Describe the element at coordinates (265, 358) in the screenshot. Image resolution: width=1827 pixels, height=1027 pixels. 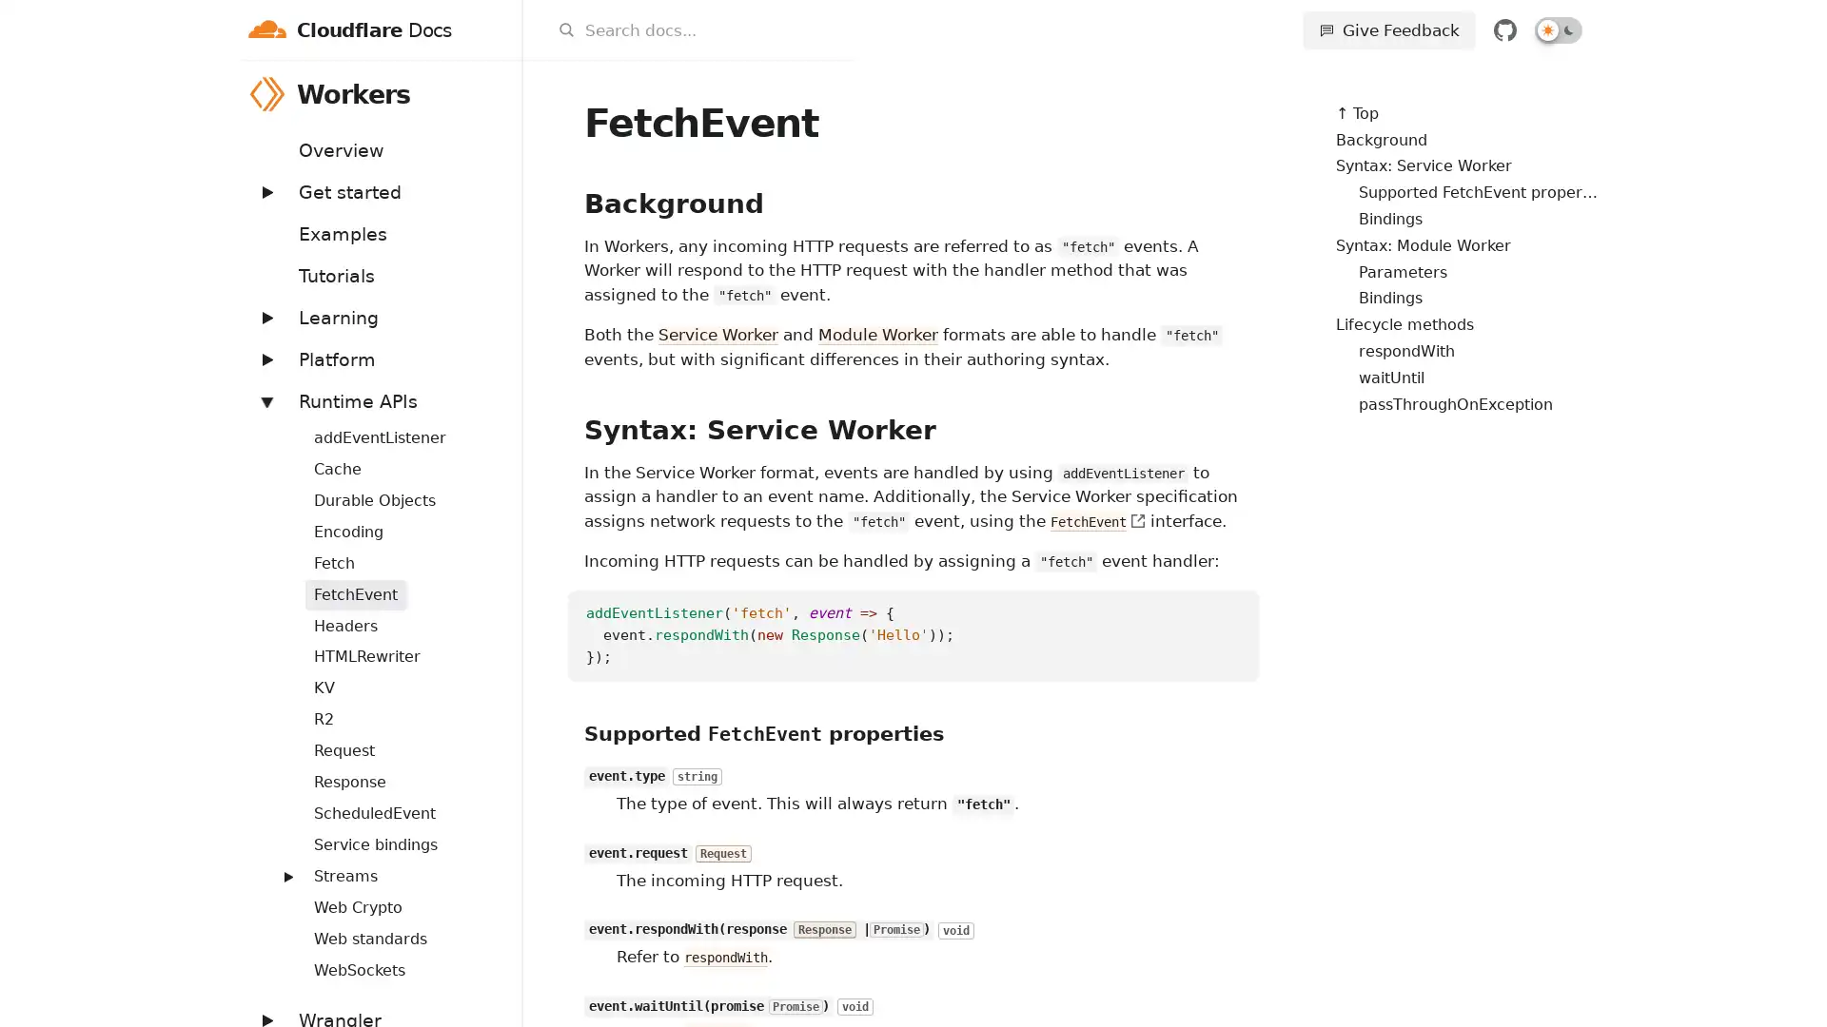
I see `Expand: Platform` at that location.